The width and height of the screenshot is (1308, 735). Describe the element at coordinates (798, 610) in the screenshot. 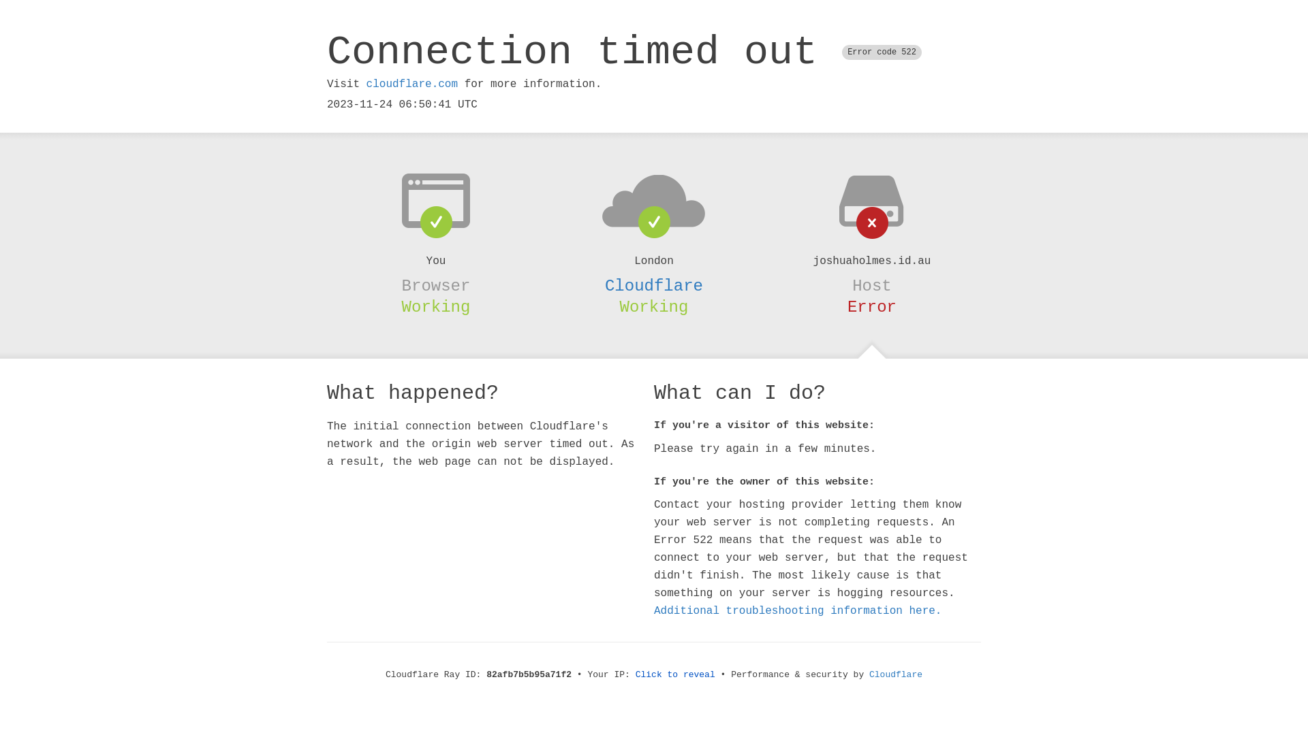

I see `'Additional troubleshooting information here.'` at that location.